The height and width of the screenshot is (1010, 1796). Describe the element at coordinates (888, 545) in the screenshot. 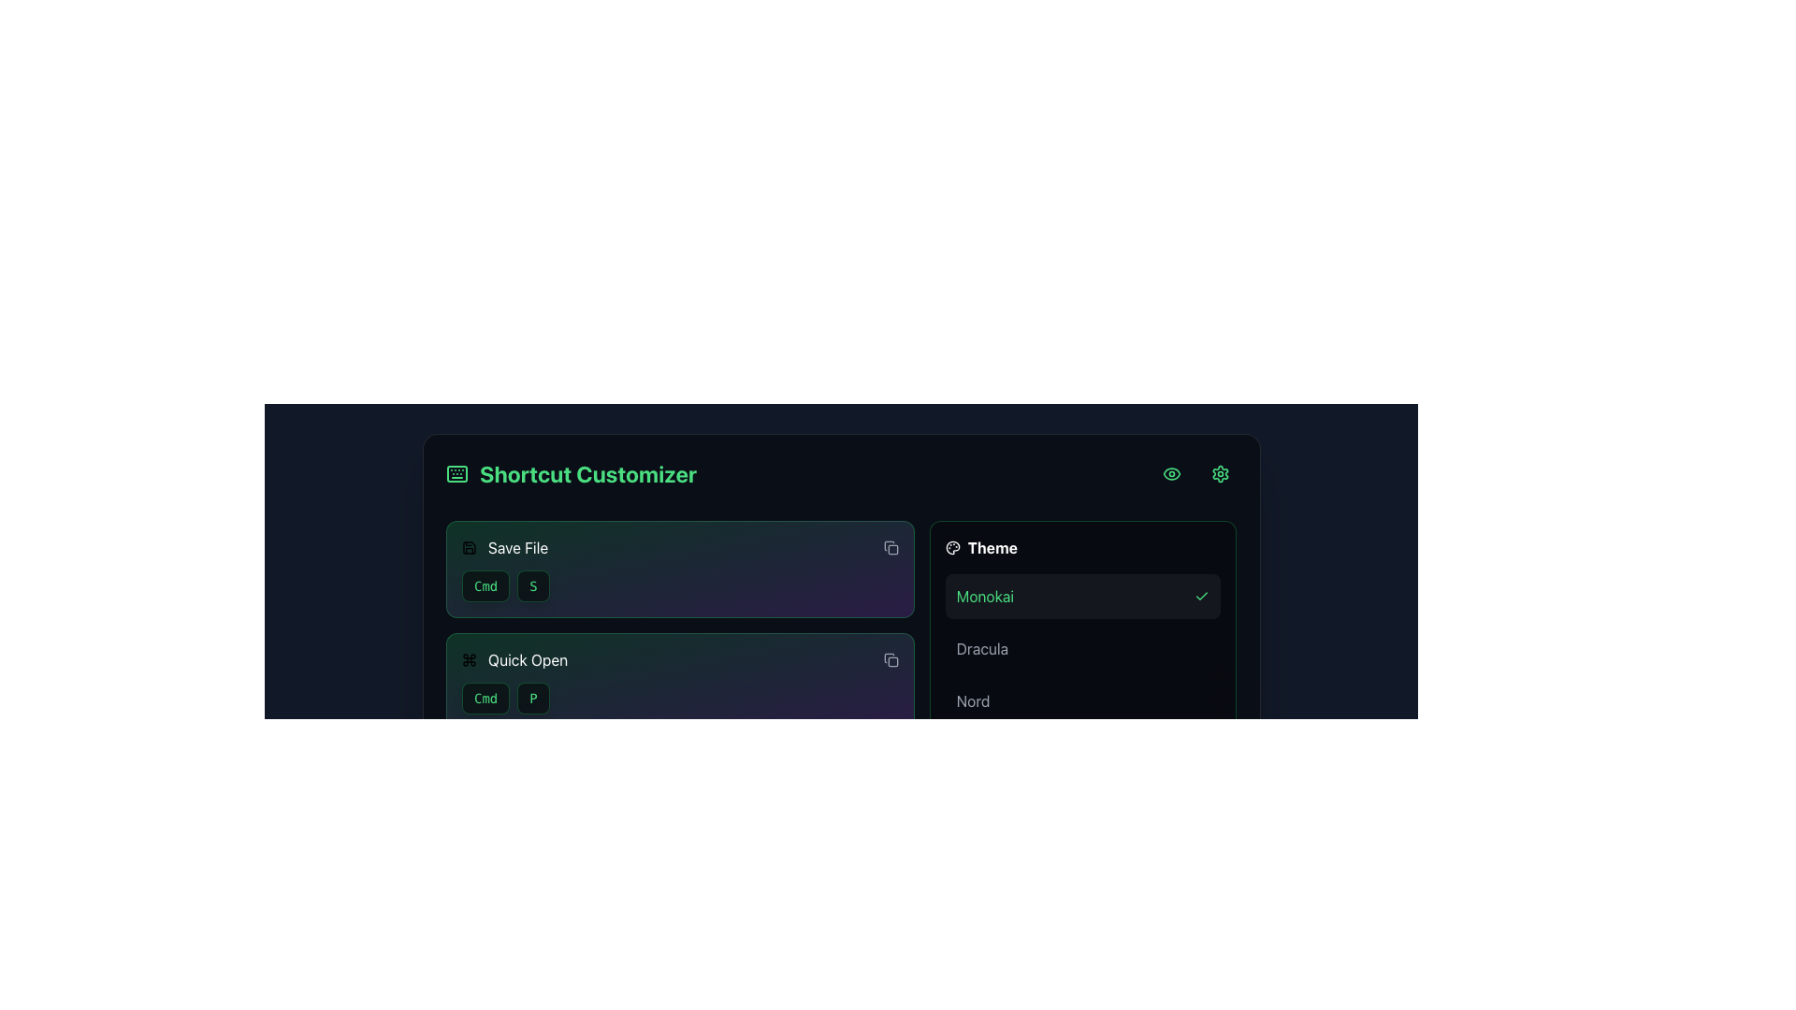

I see `the 'copy' icon element located in the top-right corner of the 'Save File' button in the Shortcut Customizer interface` at that location.